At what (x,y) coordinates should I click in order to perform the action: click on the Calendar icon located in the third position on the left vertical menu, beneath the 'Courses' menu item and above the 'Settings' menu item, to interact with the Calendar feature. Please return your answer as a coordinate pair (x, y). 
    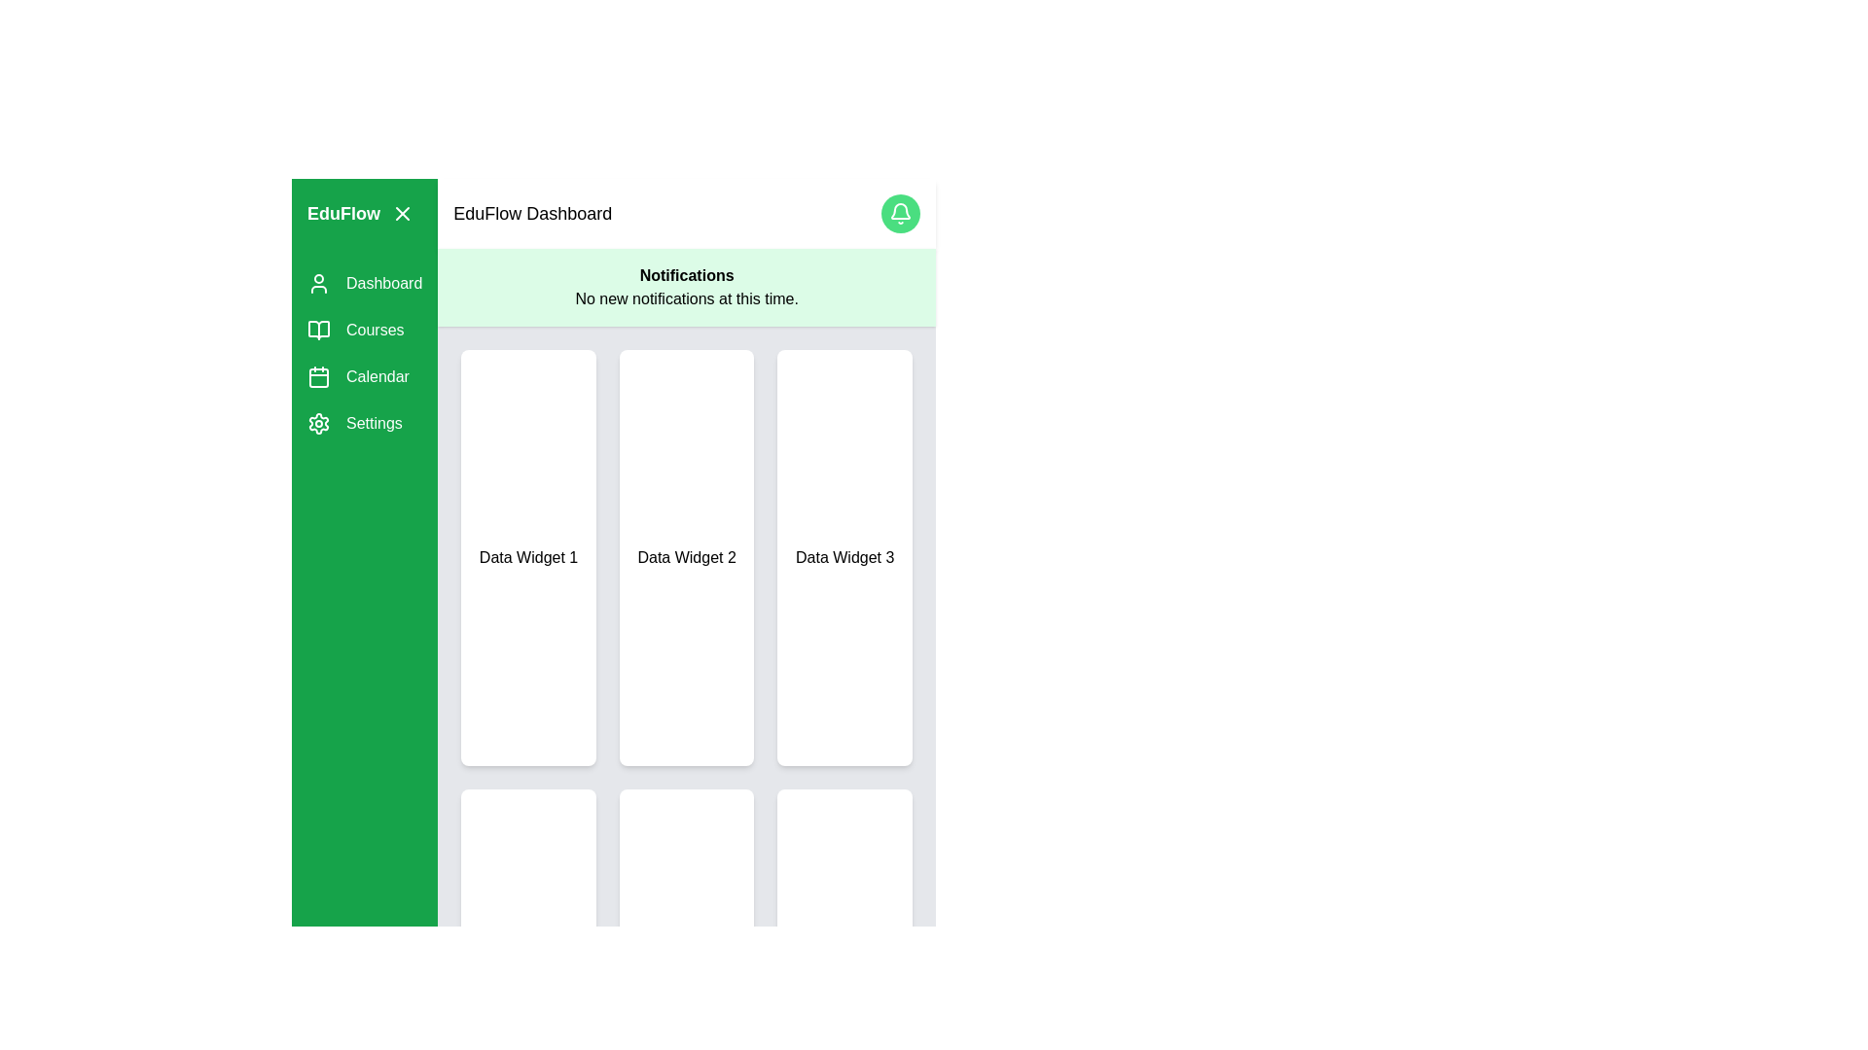
    Looking at the image, I should click on (318, 377).